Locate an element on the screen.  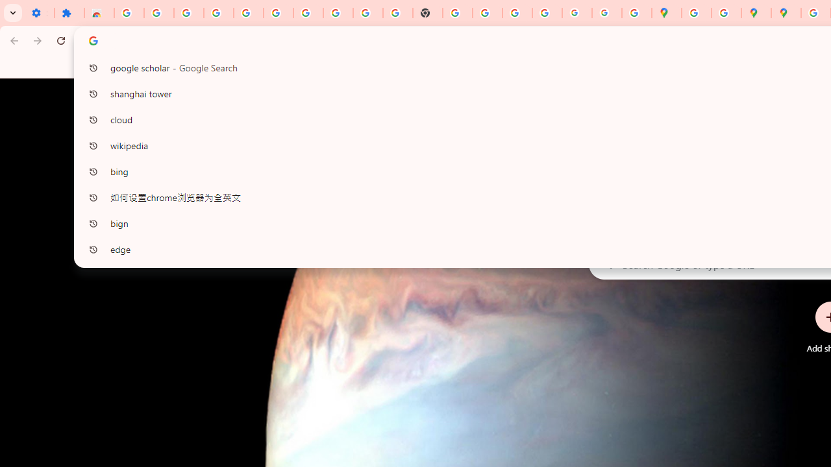
'Reviews: Helix Fruit Jump Arcade Game' is located at coordinates (99, 13).